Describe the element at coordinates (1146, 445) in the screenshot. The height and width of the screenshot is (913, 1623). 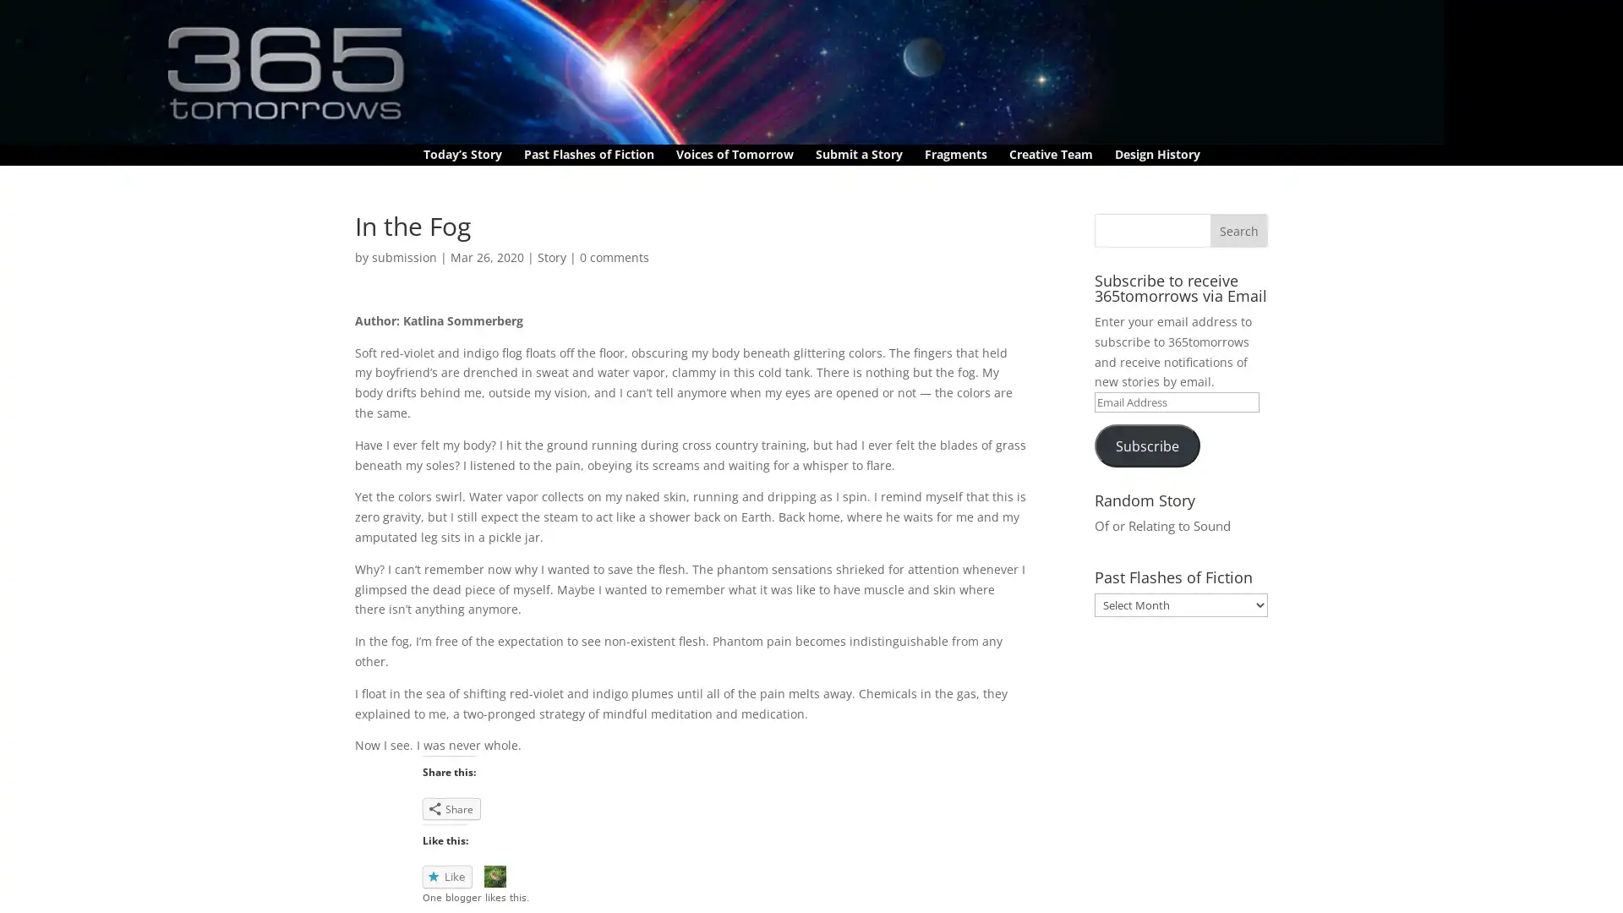
I see `Subscribe` at that location.